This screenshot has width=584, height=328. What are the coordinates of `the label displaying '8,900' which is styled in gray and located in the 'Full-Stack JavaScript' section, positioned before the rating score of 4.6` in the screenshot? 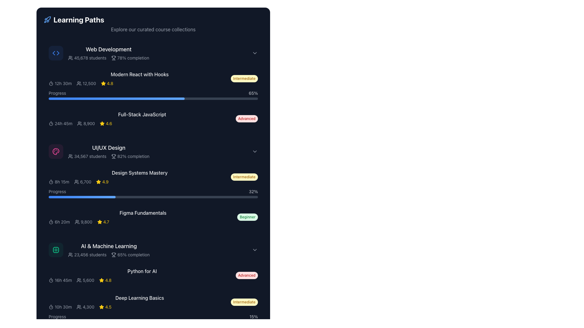 It's located at (86, 123).